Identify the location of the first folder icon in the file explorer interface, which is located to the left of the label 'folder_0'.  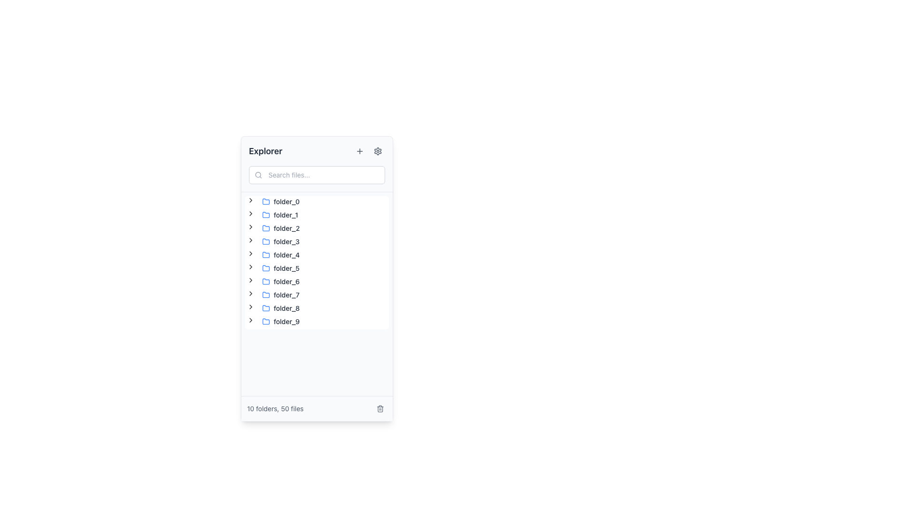
(266, 201).